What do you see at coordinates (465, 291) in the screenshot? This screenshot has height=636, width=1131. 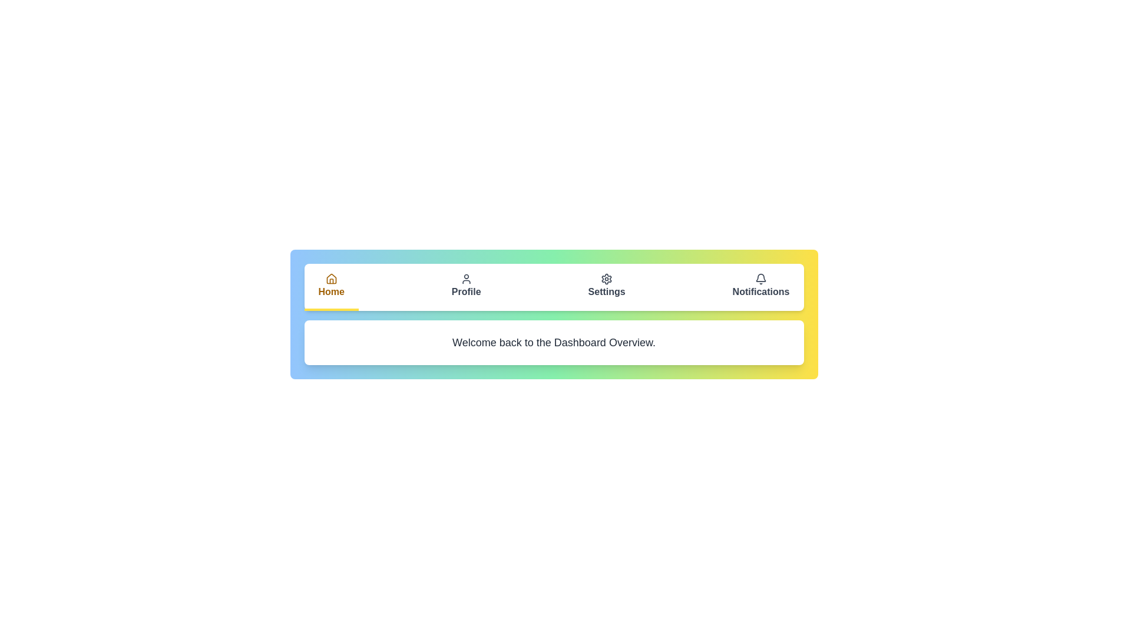 I see `the 'Profile' text label in the navigation bar, which is styled in bold and located between the 'Home' and 'Settings' sections` at bounding box center [465, 291].